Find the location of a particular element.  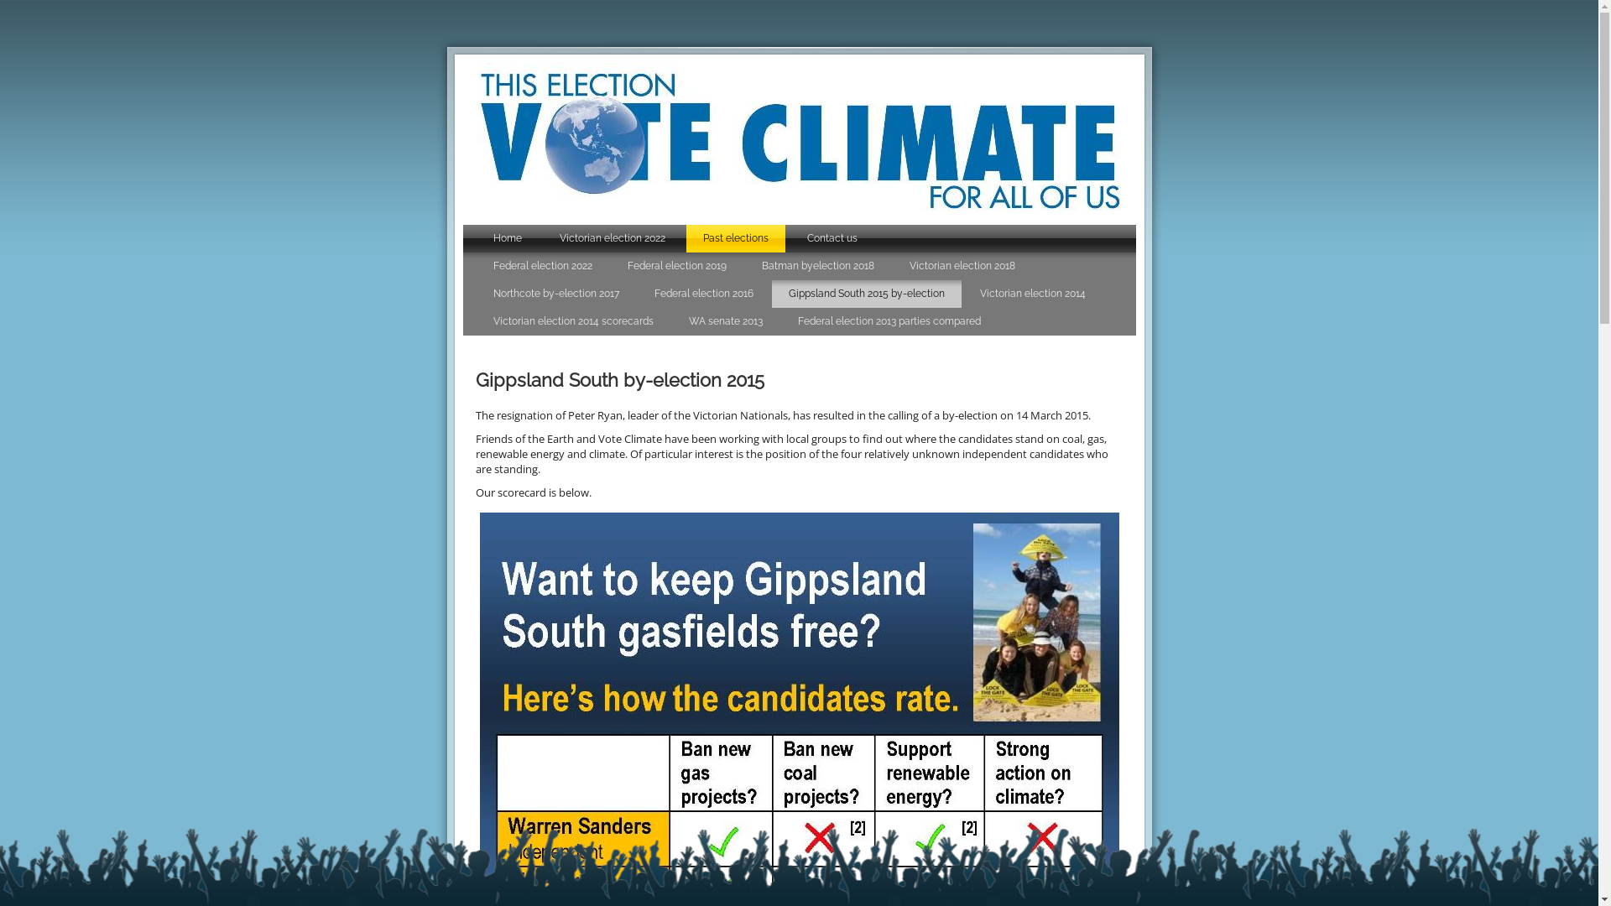

'Federal election 2022' is located at coordinates (543, 265).